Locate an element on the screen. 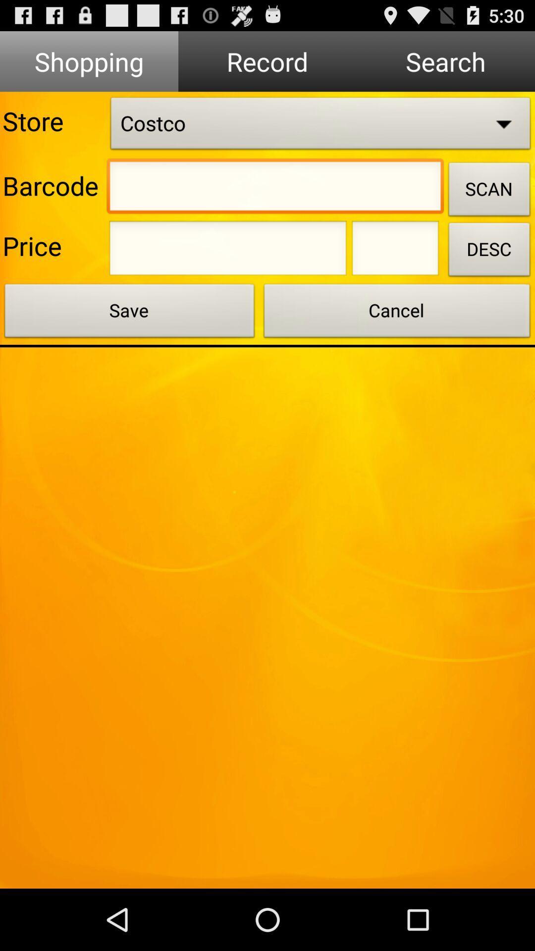 This screenshot has width=535, height=951. field costco is located at coordinates (321, 125).